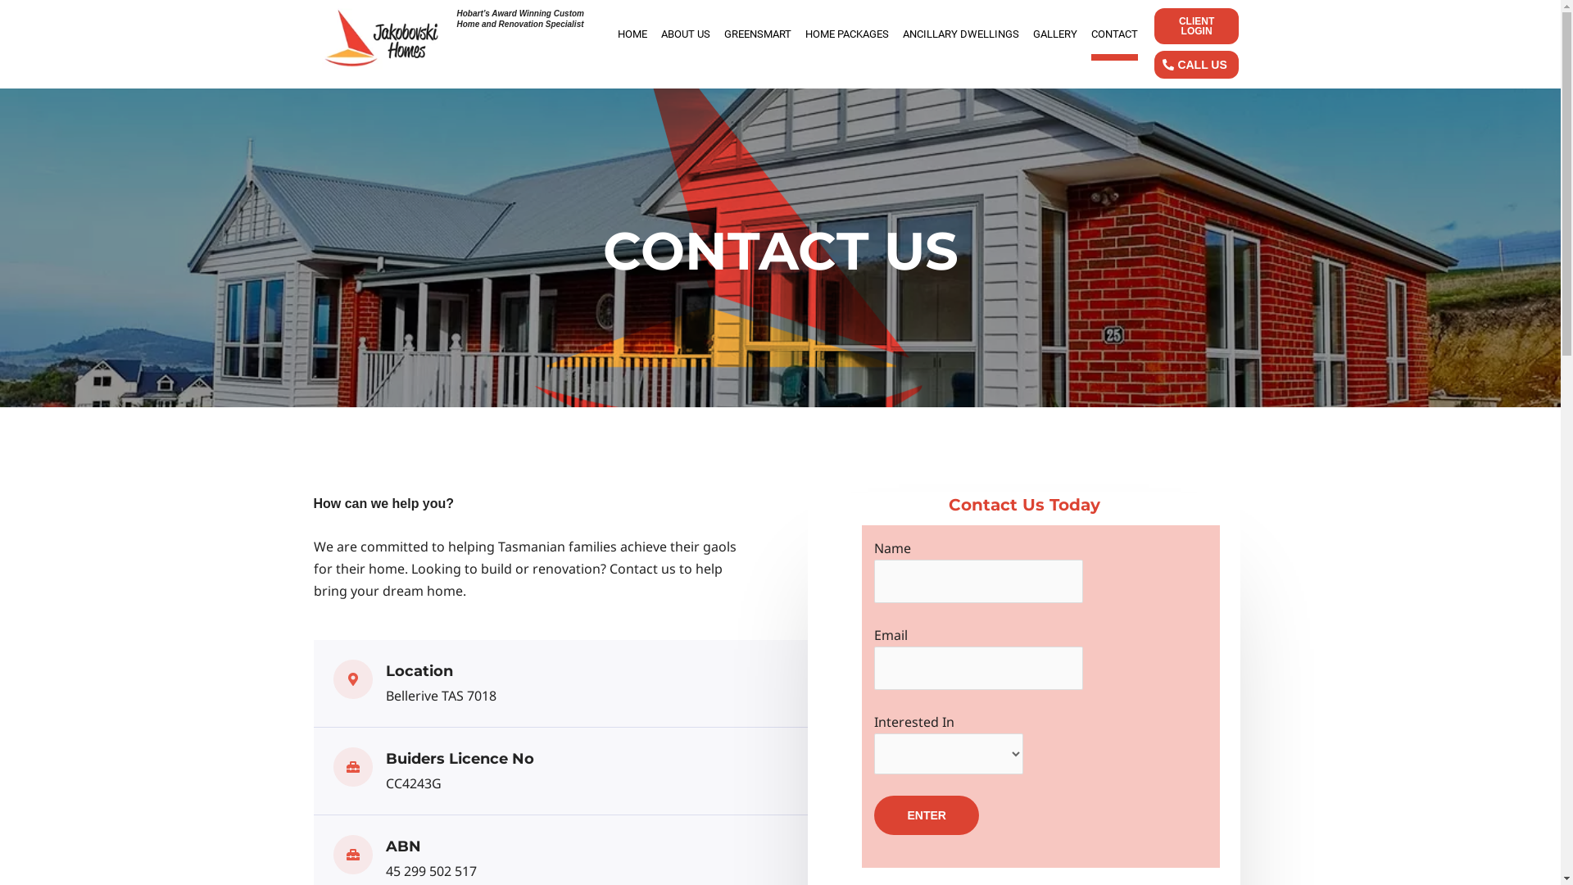 The height and width of the screenshot is (885, 1573). Describe the element at coordinates (660, 34) in the screenshot. I see `'ABOUT US'` at that location.